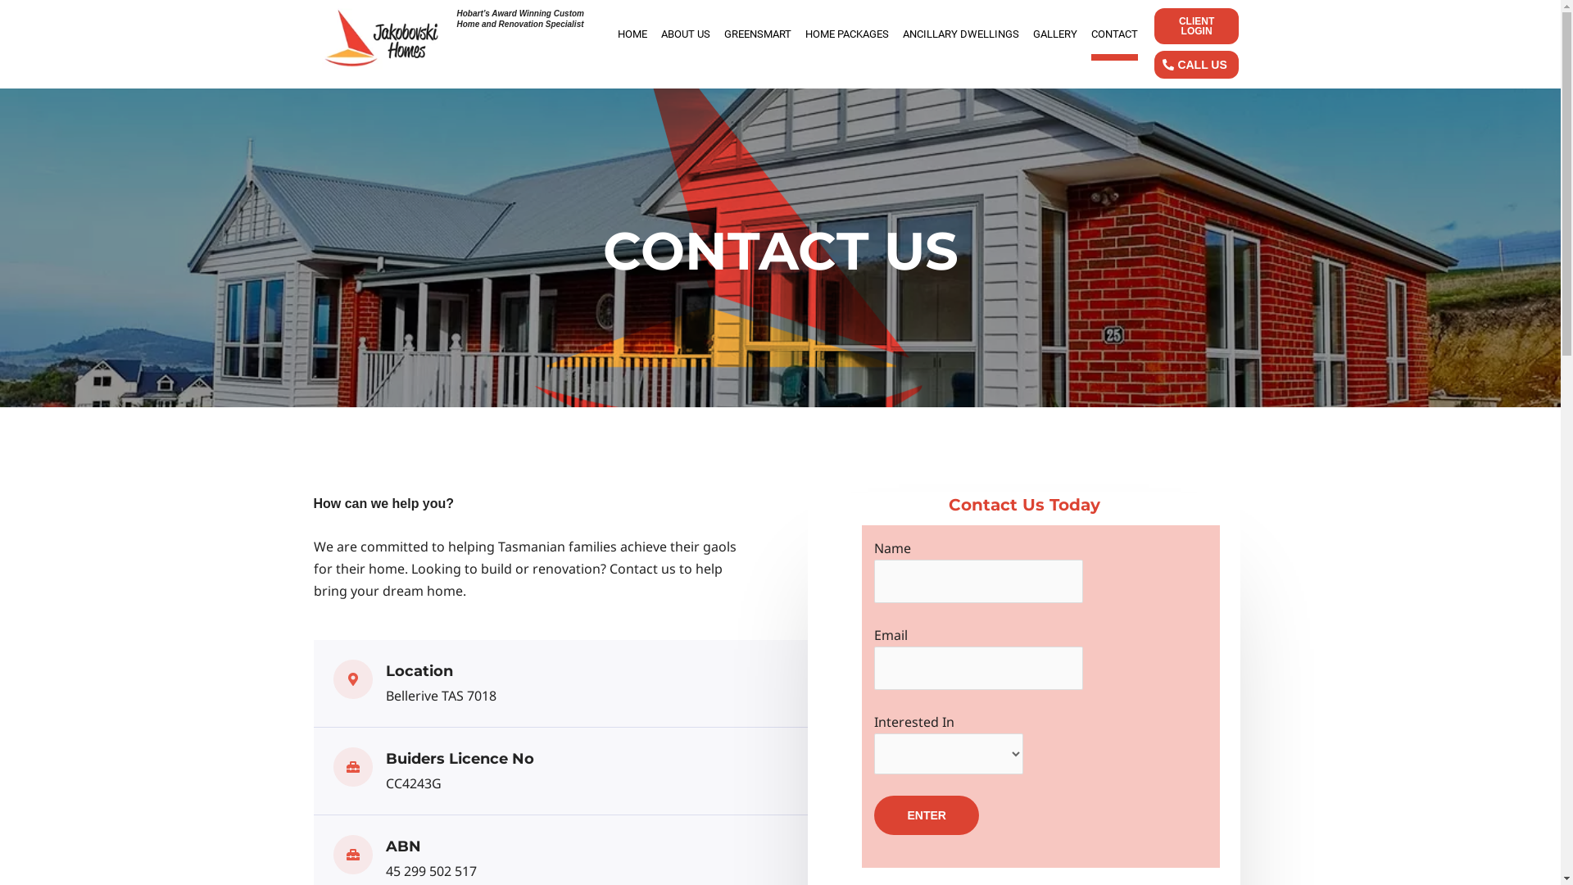 The height and width of the screenshot is (885, 1573). Describe the element at coordinates (660, 34) in the screenshot. I see `'ABOUT US'` at that location.